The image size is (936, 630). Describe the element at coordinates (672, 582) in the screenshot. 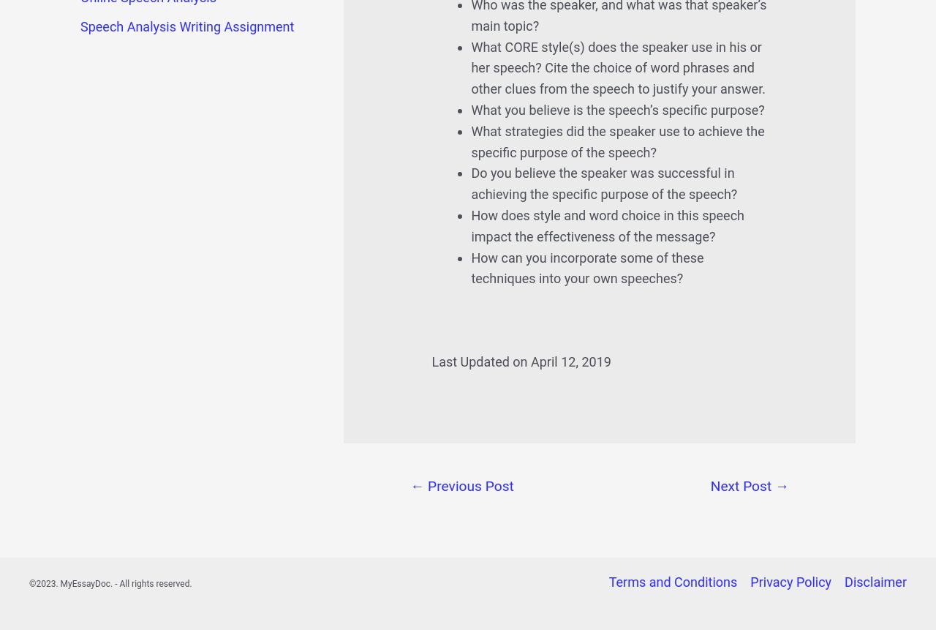

I see `'Terms and Conditions'` at that location.